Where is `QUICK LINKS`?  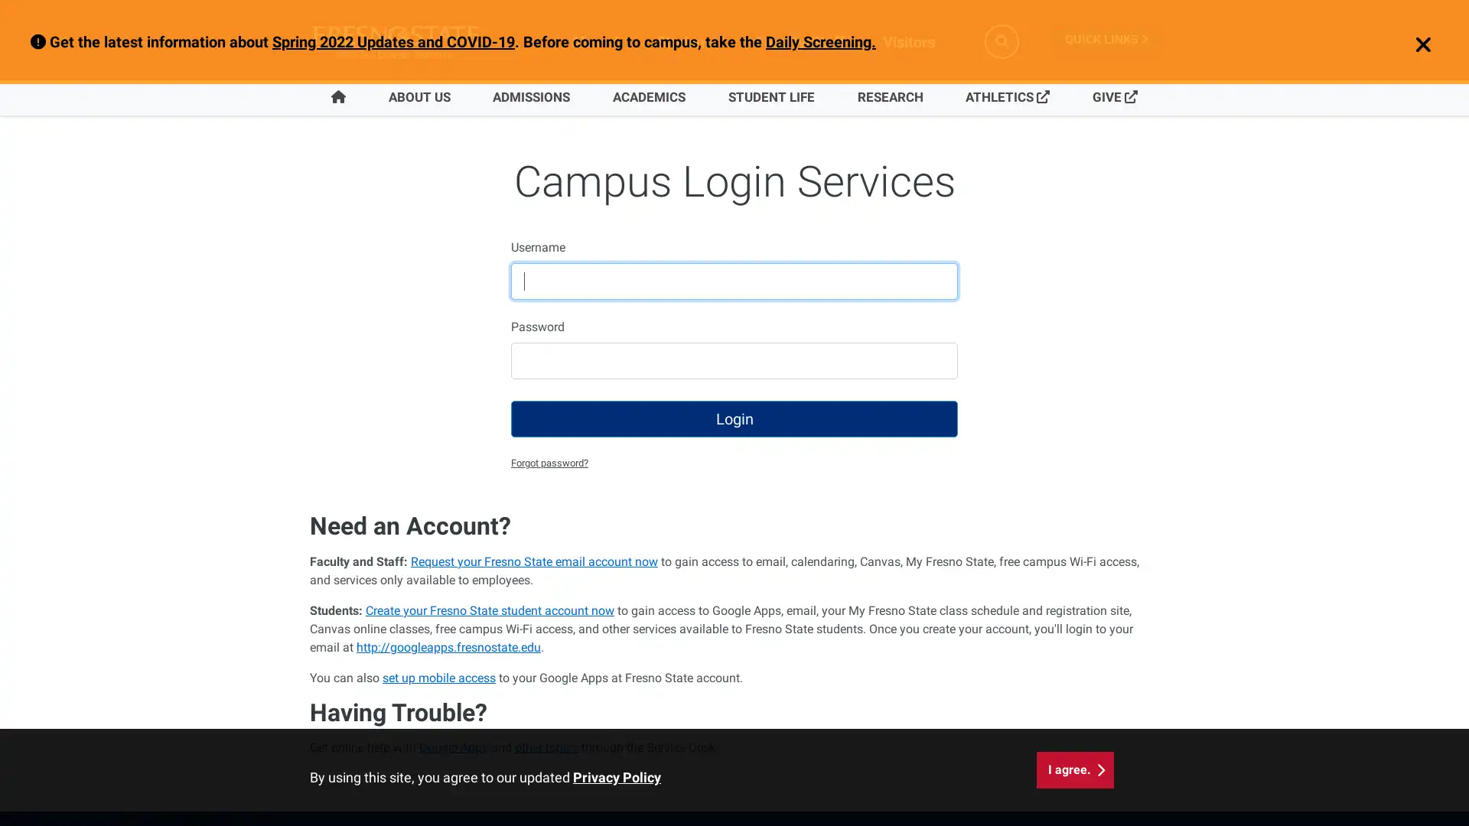
QUICK LINKS is located at coordinates (1106, 38).